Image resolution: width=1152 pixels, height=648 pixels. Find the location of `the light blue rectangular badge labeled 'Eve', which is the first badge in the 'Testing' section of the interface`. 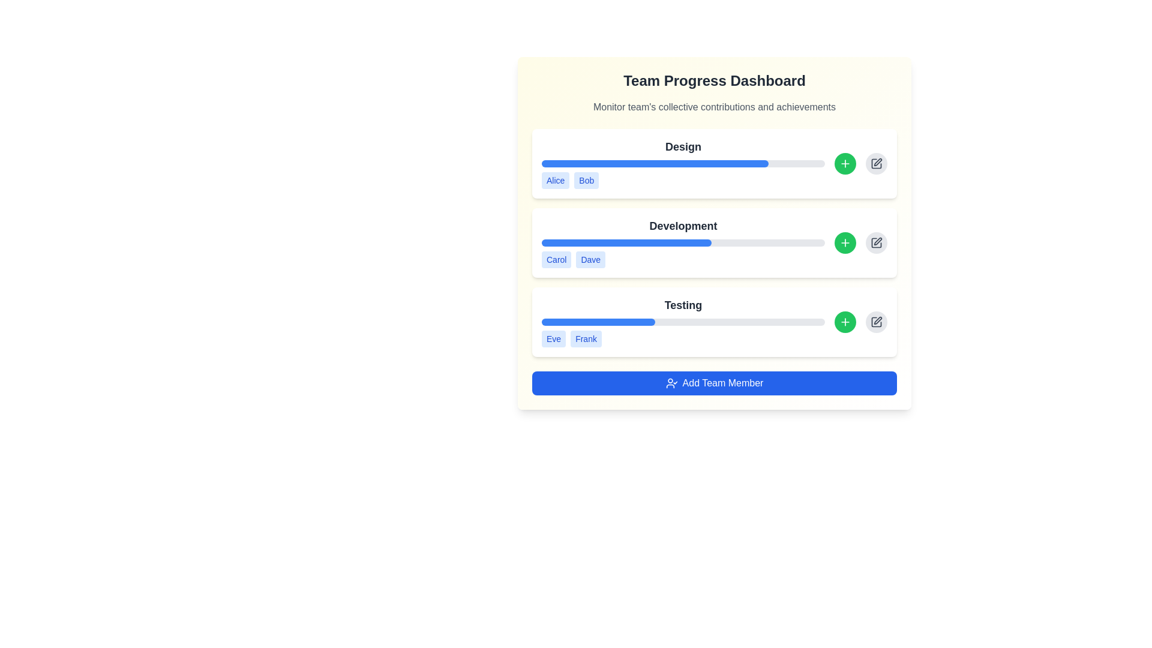

the light blue rectangular badge labeled 'Eve', which is the first badge in the 'Testing' section of the interface is located at coordinates (553, 338).